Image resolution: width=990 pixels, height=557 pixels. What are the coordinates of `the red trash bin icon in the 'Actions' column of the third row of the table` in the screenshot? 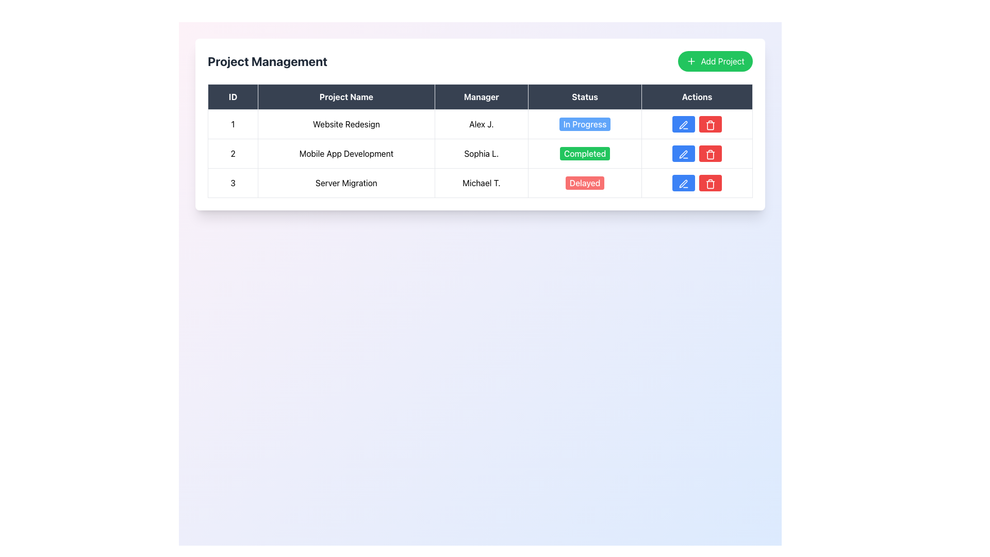 It's located at (709, 124).